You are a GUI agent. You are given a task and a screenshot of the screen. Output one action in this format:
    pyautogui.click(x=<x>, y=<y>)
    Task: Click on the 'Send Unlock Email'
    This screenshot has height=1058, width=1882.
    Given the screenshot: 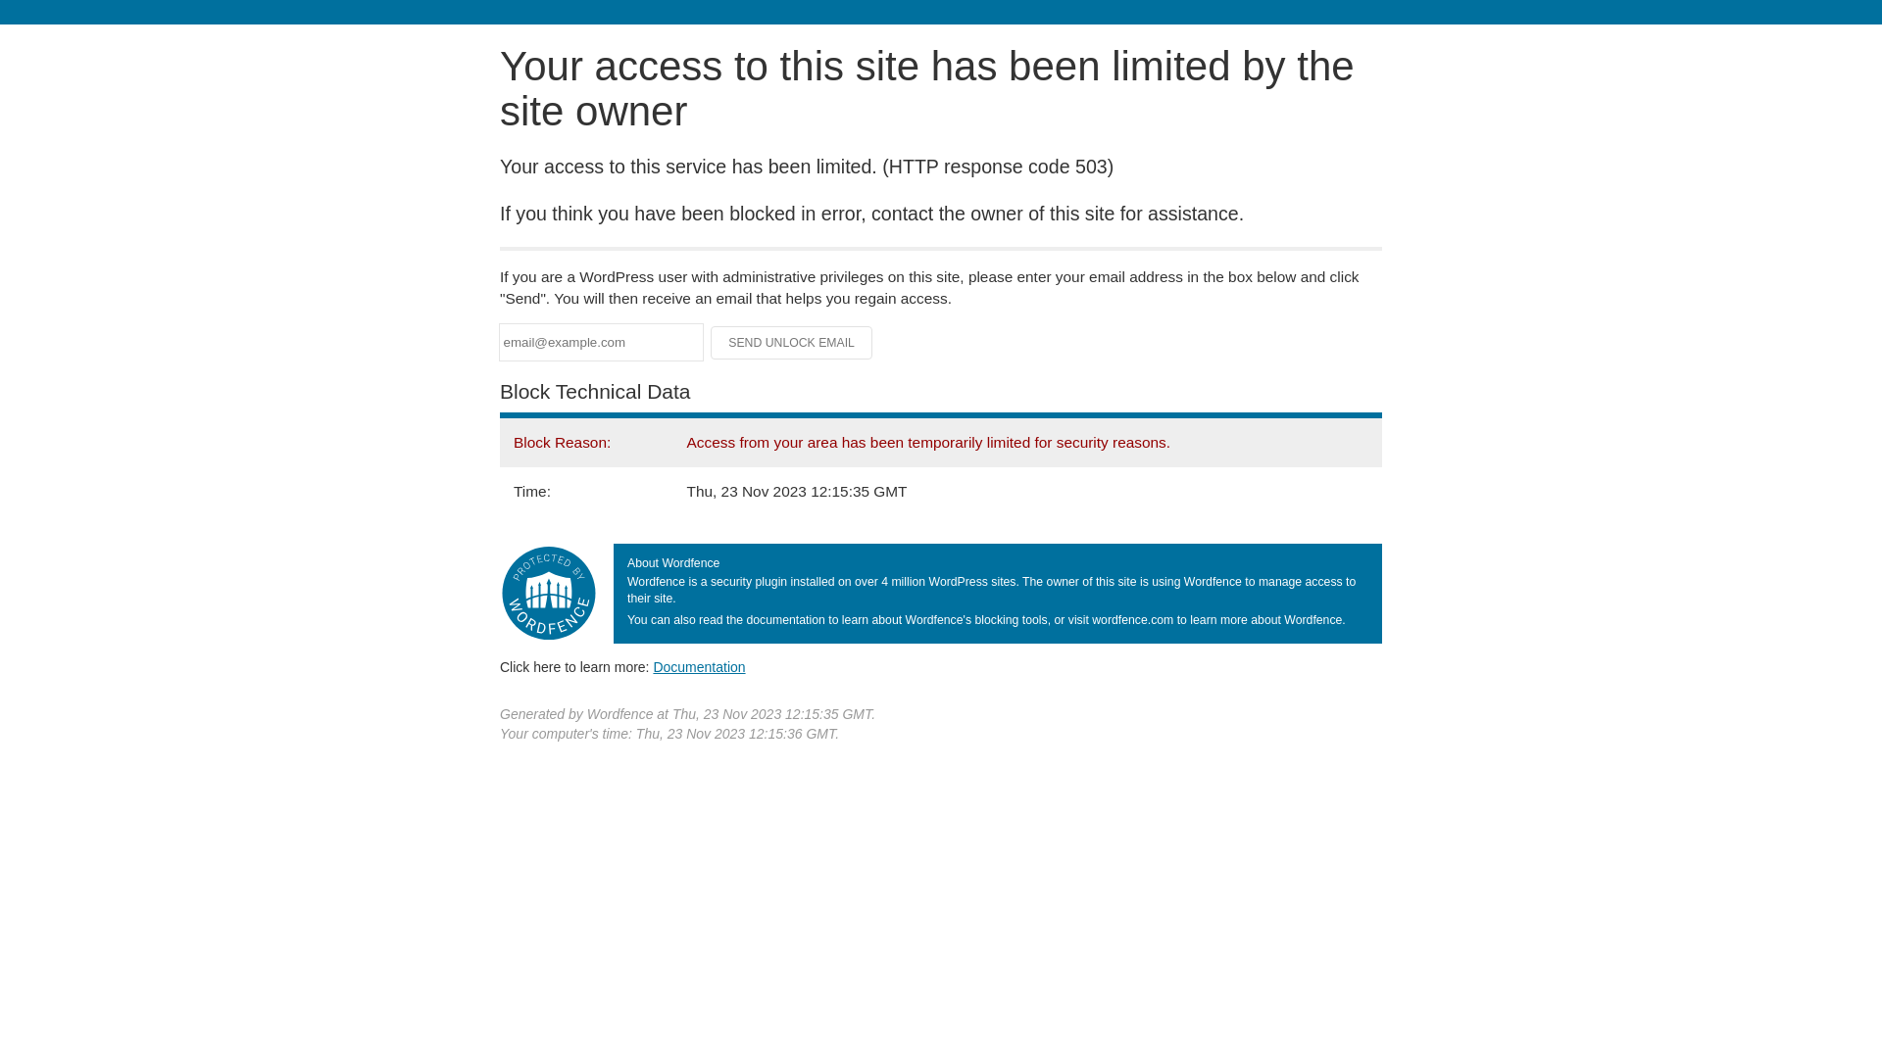 What is the action you would take?
    pyautogui.click(x=791, y=342)
    